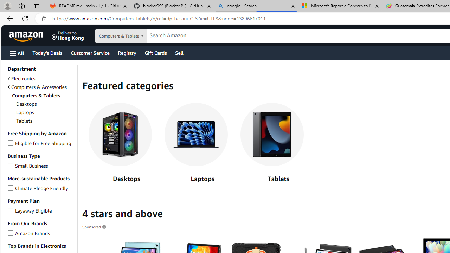 This screenshot has width=450, height=253. What do you see at coordinates (41, 87) in the screenshot?
I see `'Computers & Accessories'` at bounding box center [41, 87].